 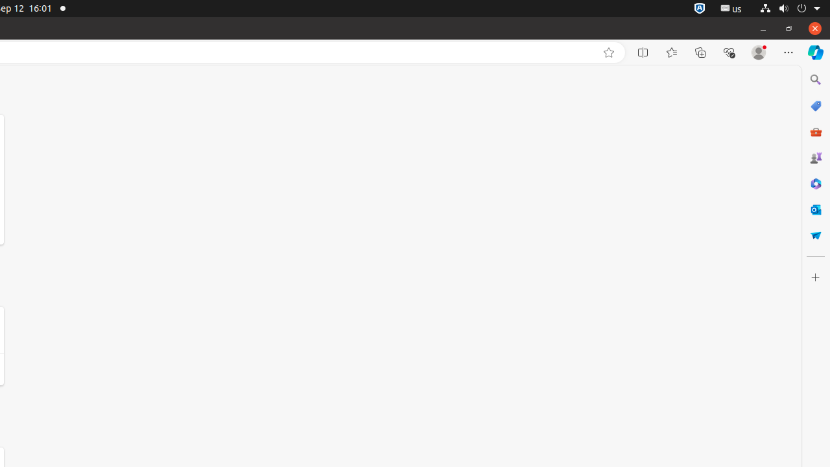 I want to click on 'Settings and more (Alt+F)', so click(x=788, y=52).